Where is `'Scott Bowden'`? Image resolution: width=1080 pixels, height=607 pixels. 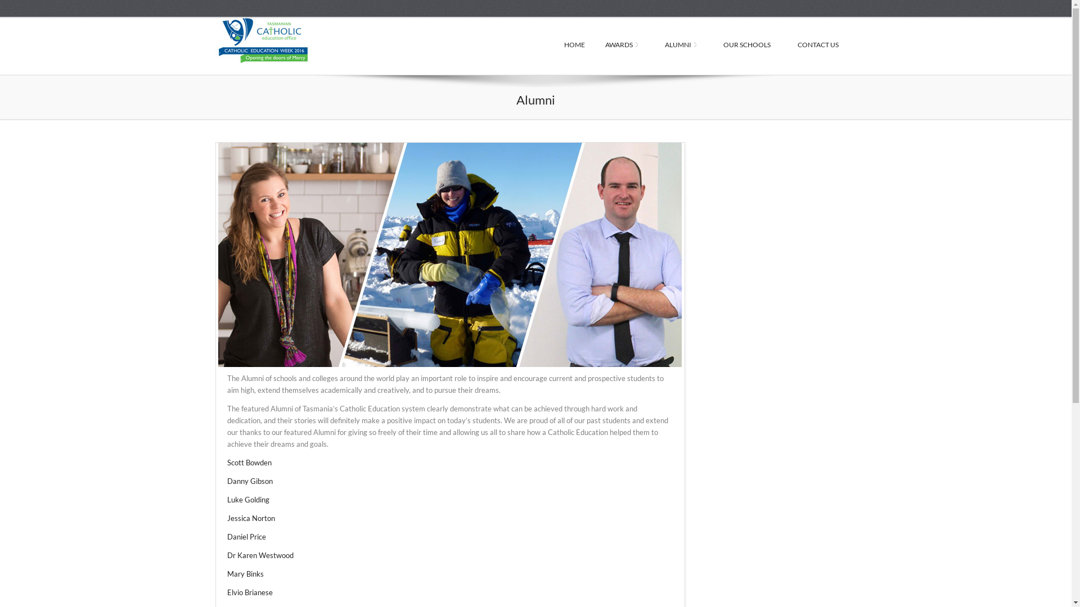 'Scott Bowden' is located at coordinates (249, 462).